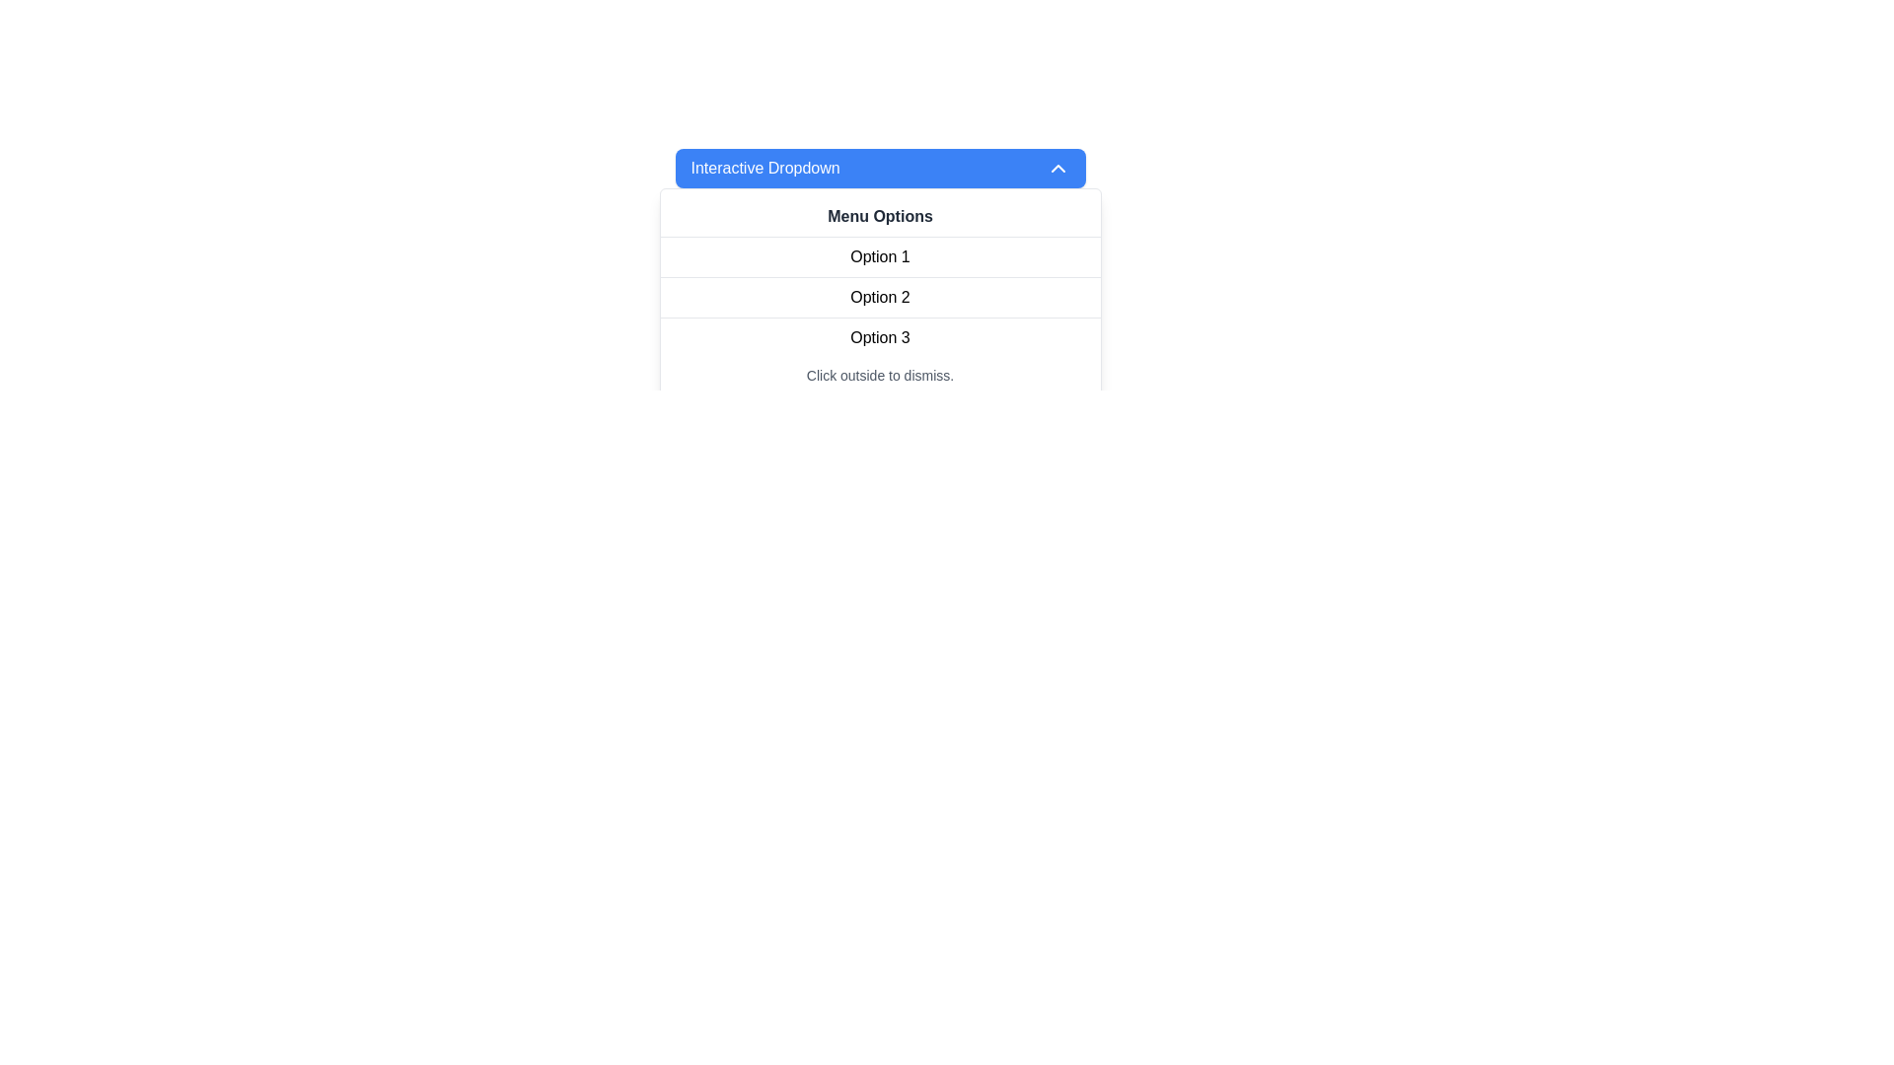  Describe the element at coordinates (879, 297) in the screenshot. I see `the vertical list containing three options ('Option 1', 'Option 2', 'Option 3') to change the background color to light blue` at that location.